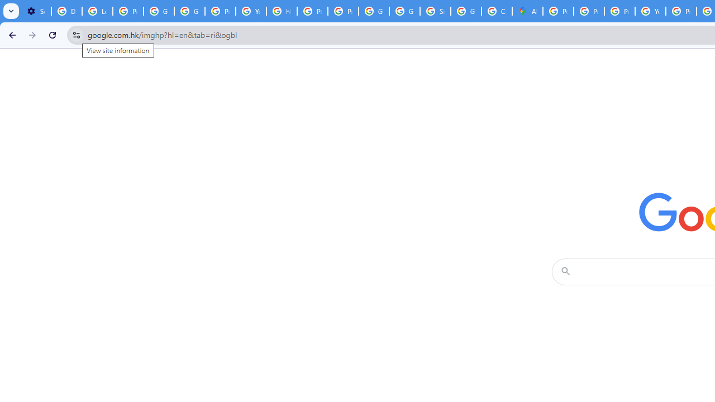 This screenshot has height=402, width=715. What do you see at coordinates (495, 11) in the screenshot?
I see `'Create your Google Account'` at bounding box center [495, 11].